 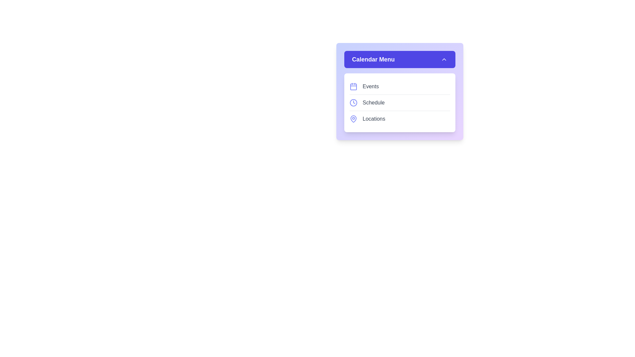 What do you see at coordinates (399, 59) in the screenshot?
I see `the 'Calendar Menu' button to toggle the menu` at bounding box center [399, 59].